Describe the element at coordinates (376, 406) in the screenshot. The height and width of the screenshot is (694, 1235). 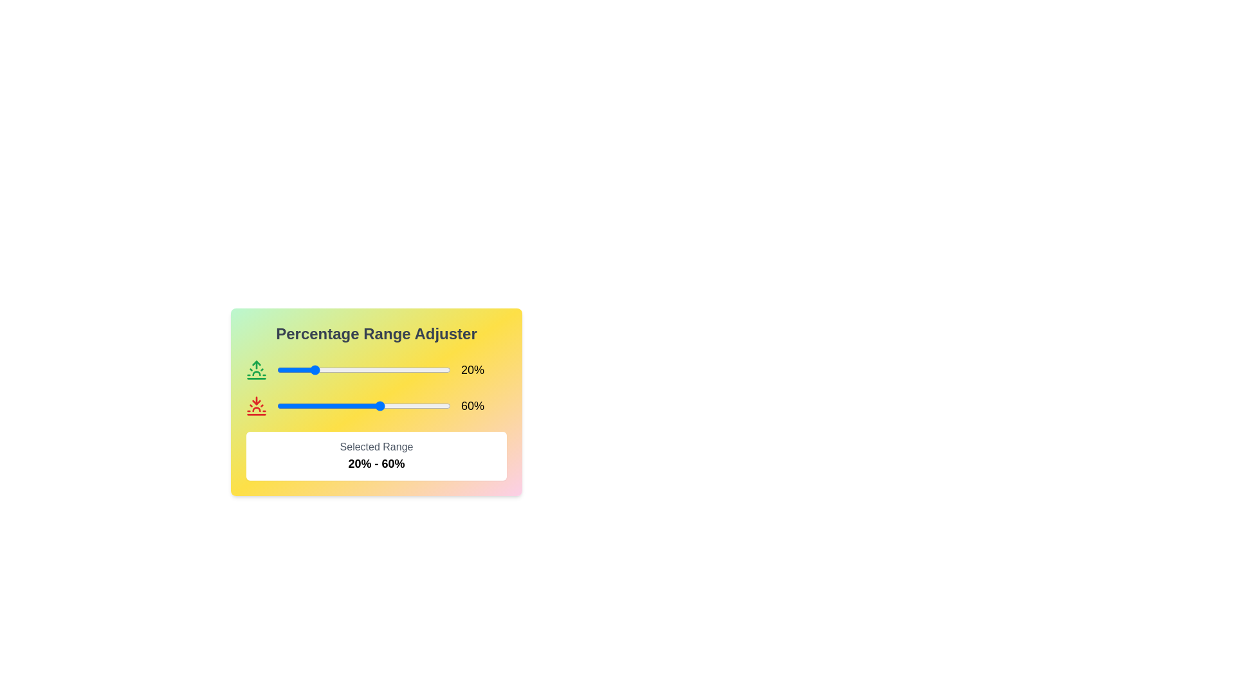
I see `the slider position` at that location.